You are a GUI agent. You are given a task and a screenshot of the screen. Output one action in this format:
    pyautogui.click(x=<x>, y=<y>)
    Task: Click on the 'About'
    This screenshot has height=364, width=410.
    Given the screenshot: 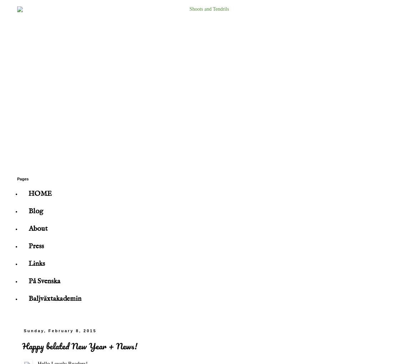 What is the action you would take?
    pyautogui.click(x=38, y=229)
    